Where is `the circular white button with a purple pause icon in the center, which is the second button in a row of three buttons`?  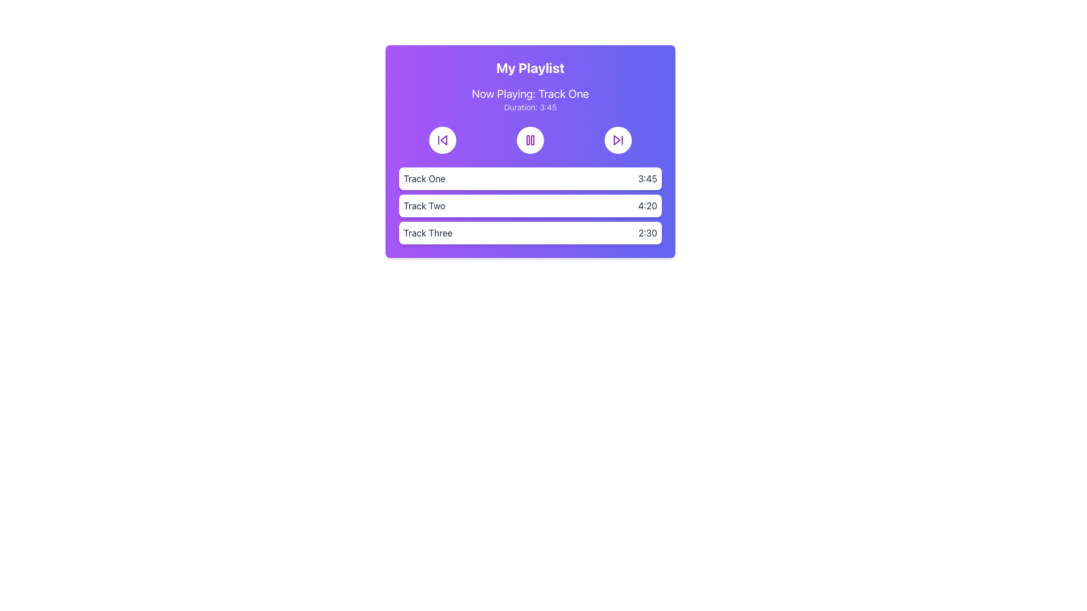
the circular white button with a purple pause icon in the center, which is the second button in a row of three buttons is located at coordinates (529, 139).